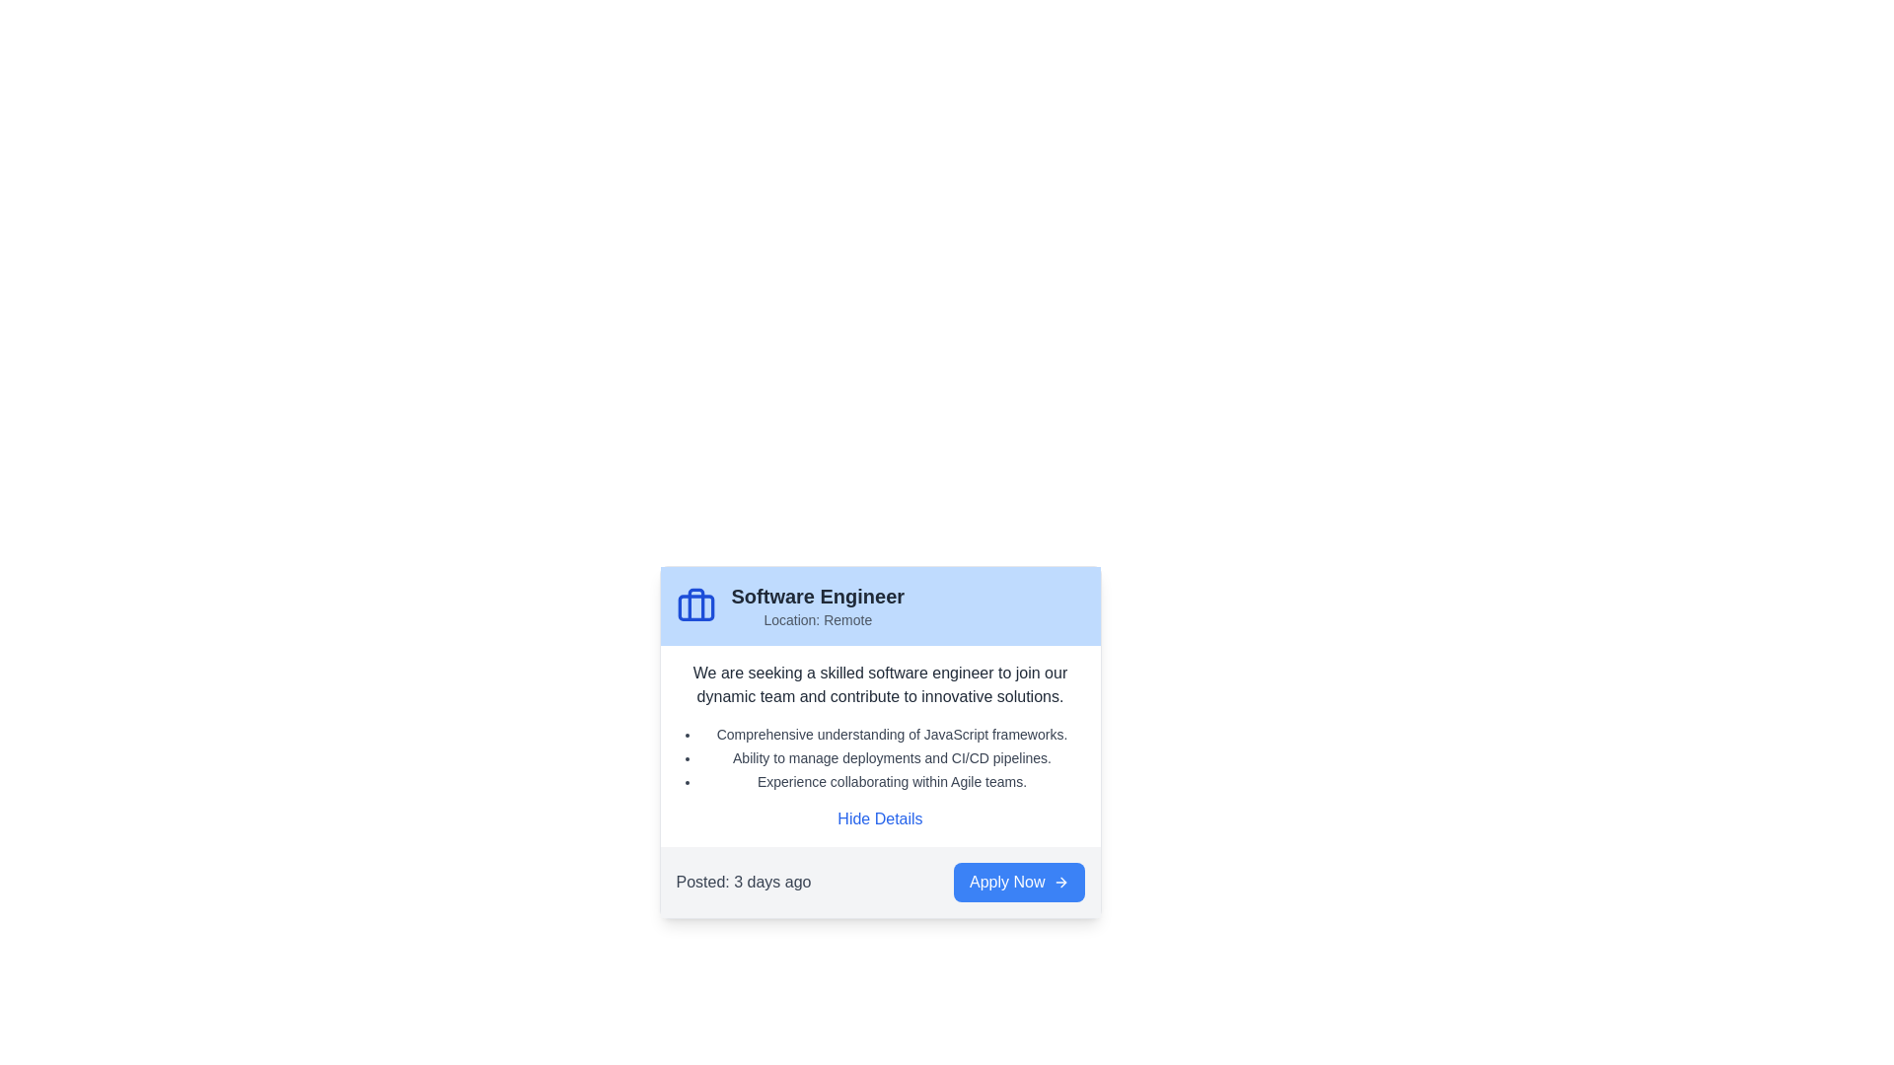  Describe the element at coordinates (695, 604) in the screenshot. I see `the briefcase icon located to the left of the job title and location text` at that location.